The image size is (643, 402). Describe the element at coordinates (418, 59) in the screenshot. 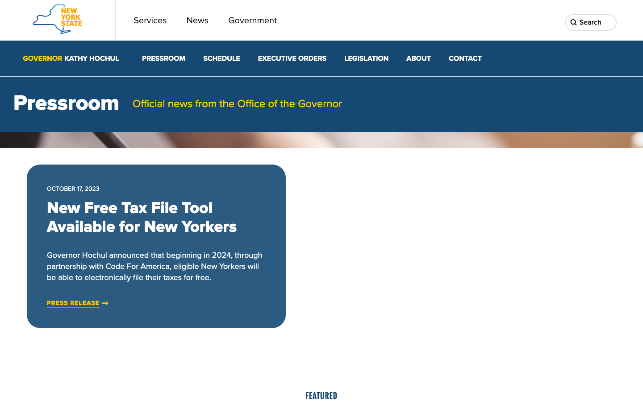

I see `the second option in the About section` at that location.